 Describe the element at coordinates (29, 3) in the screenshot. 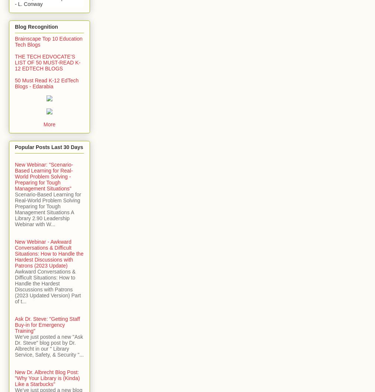

I see `'- L. Conway'` at that location.